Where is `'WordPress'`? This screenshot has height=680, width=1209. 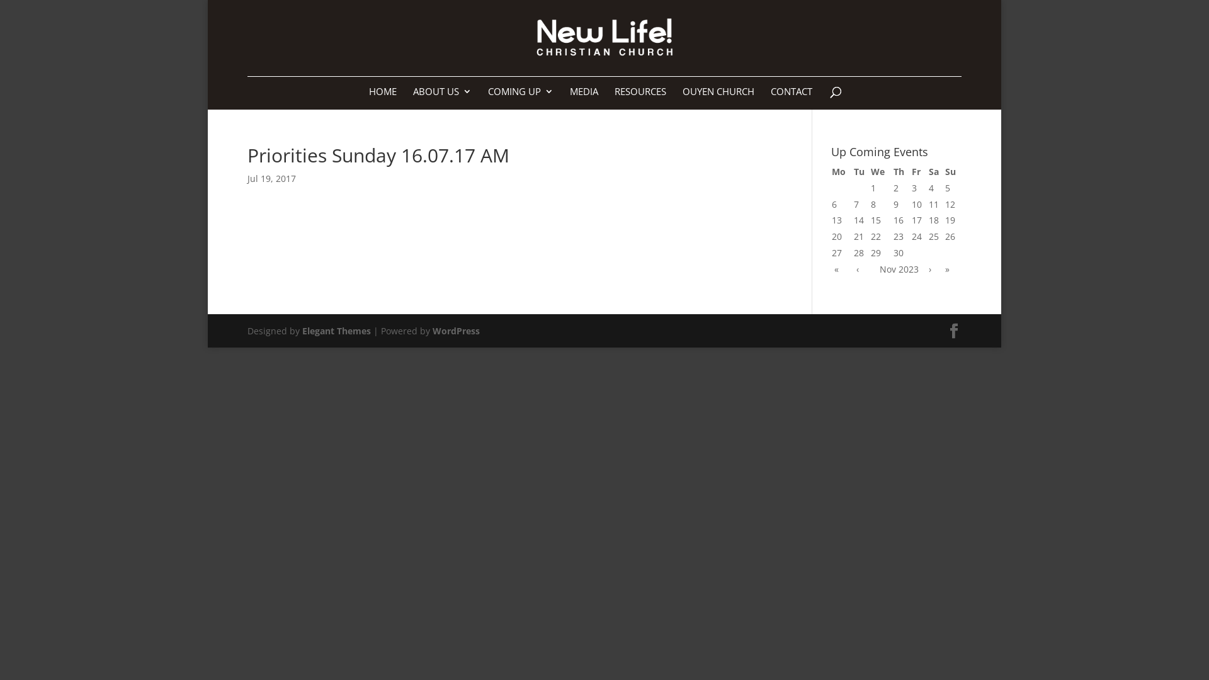
'WordPress' is located at coordinates (432, 330).